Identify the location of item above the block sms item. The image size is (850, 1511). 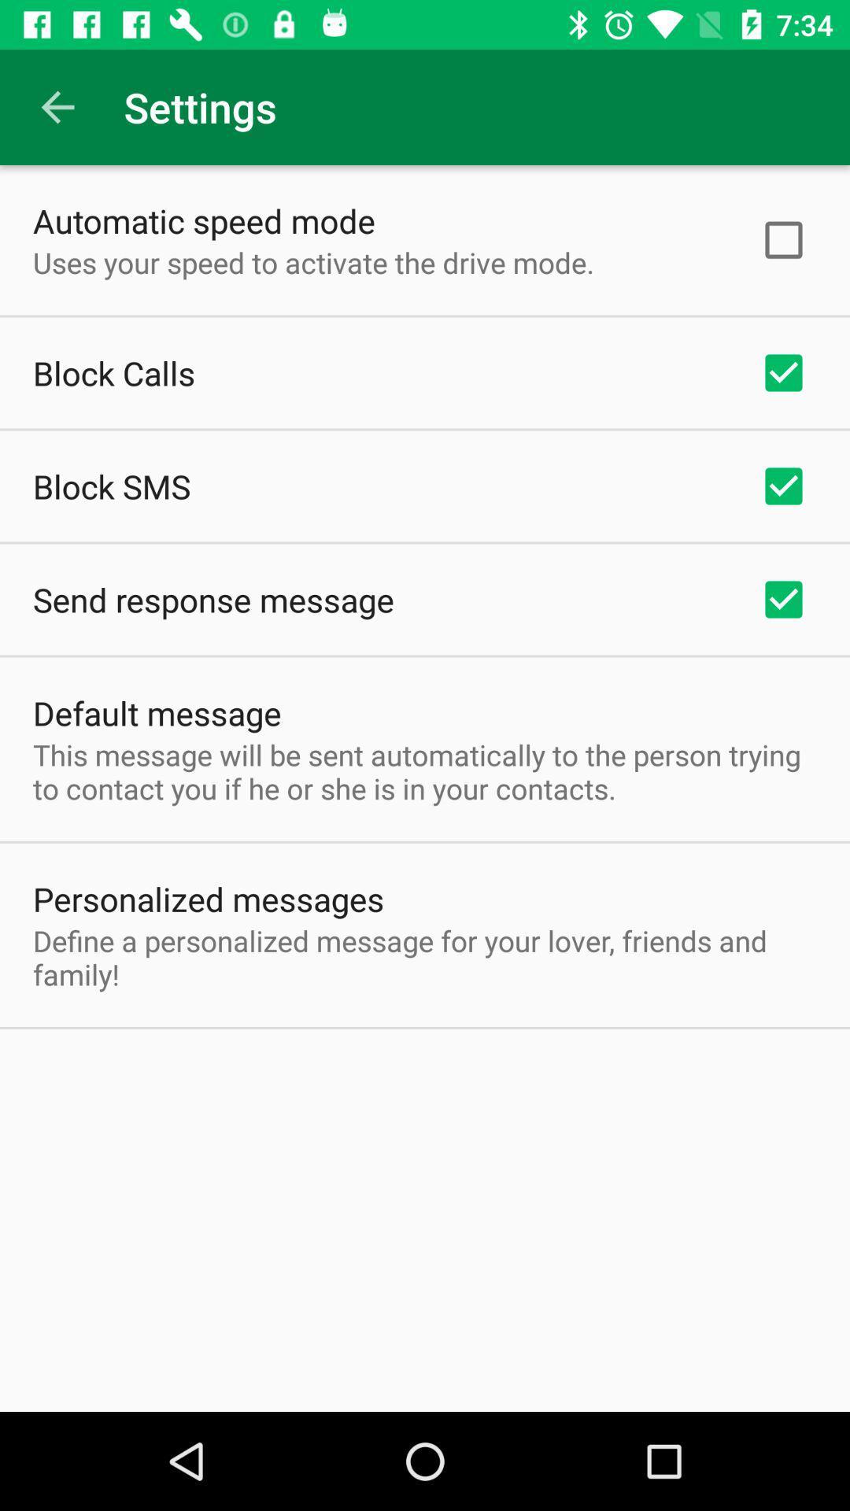
(113, 372).